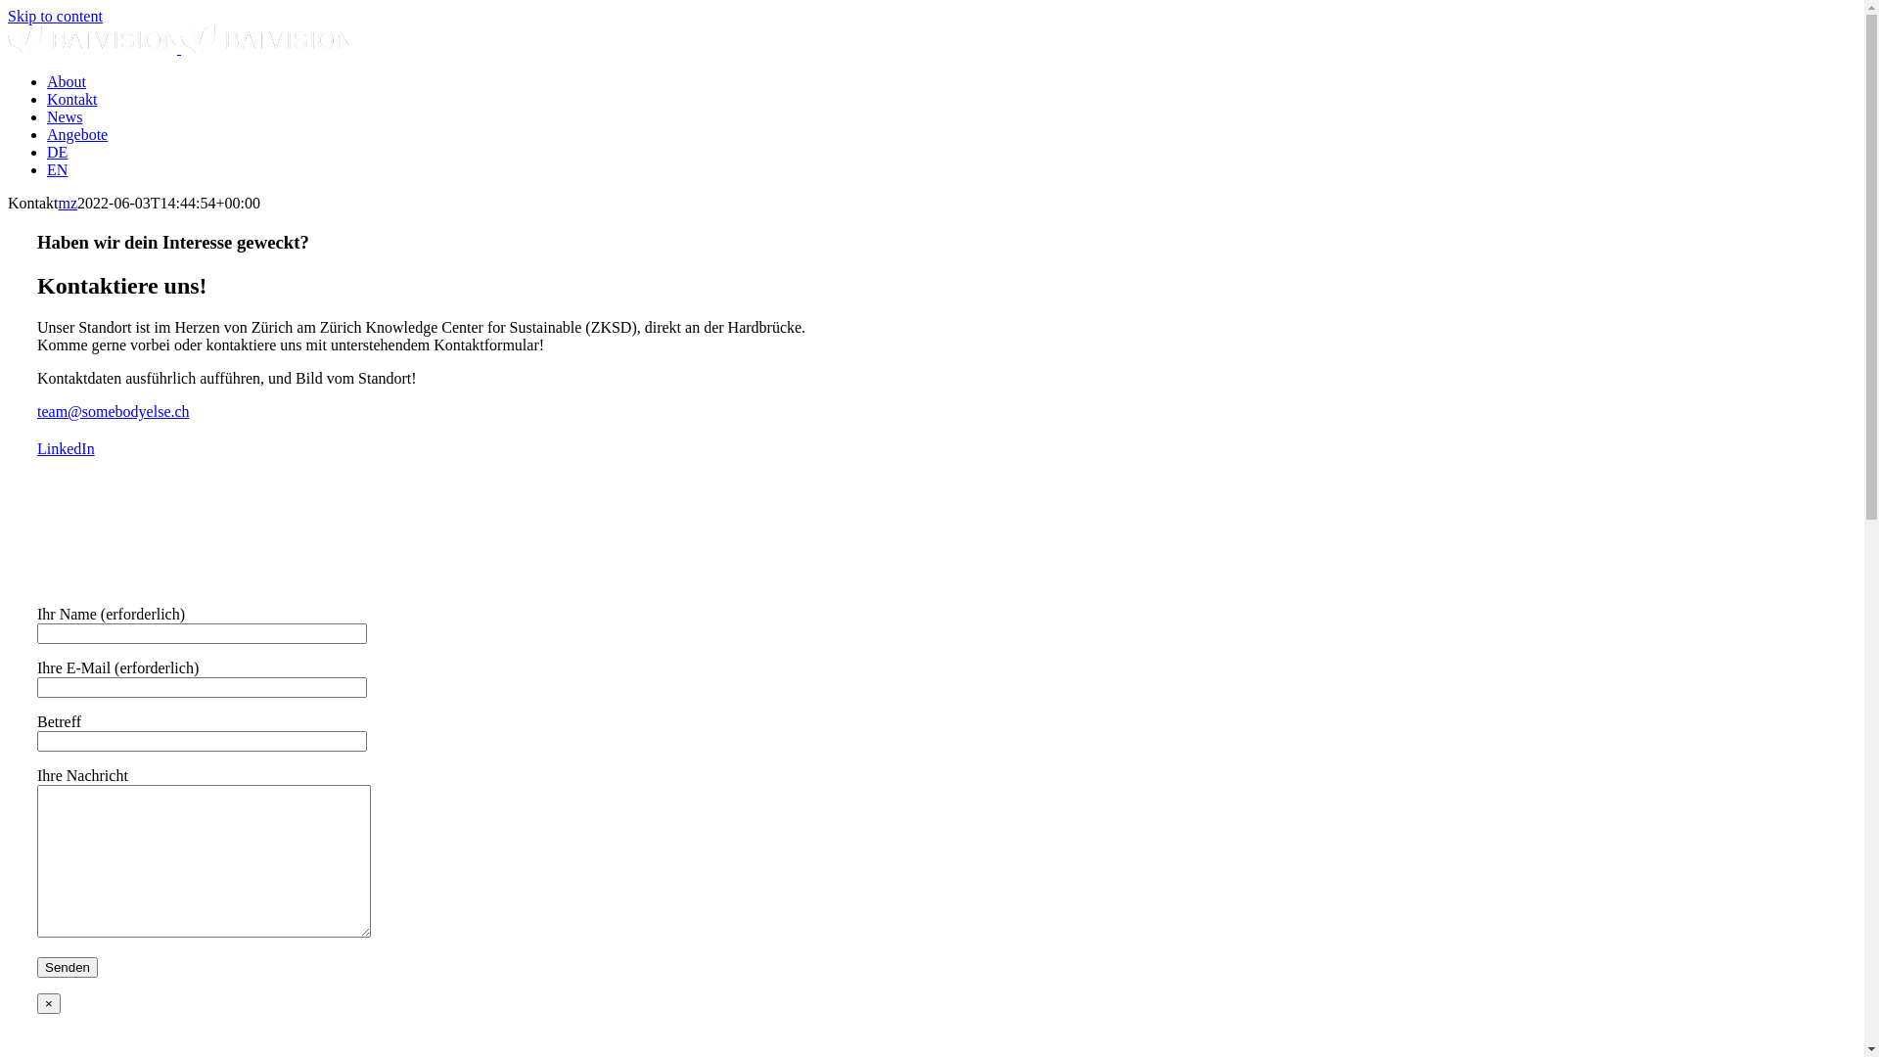 Image resolution: width=1879 pixels, height=1057 pixels. What do you see at coordinates (57, 151) in the screenshot?
I see `'DE'` at bounding box center [57, 151].